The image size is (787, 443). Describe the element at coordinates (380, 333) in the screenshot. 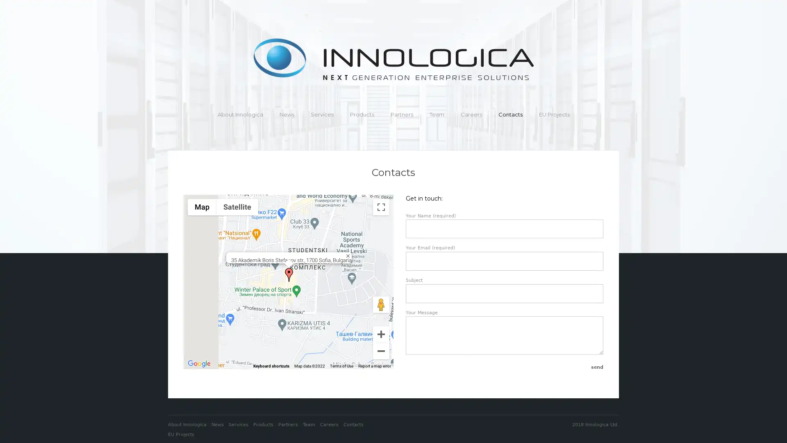

I see `Zoom in` at that location.